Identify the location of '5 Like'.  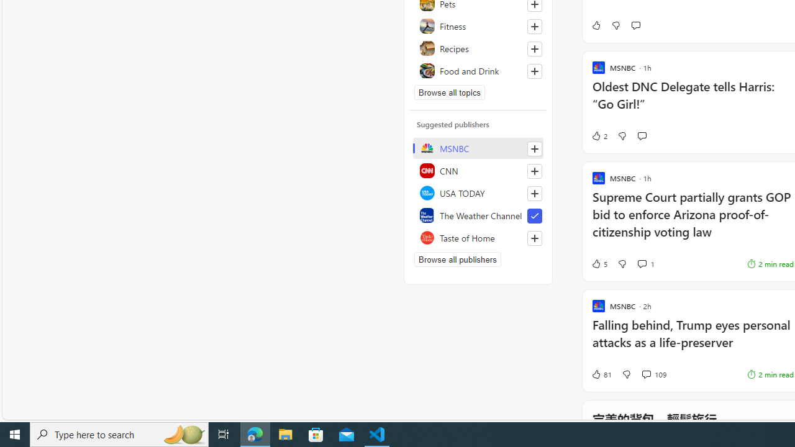
(599, 263).